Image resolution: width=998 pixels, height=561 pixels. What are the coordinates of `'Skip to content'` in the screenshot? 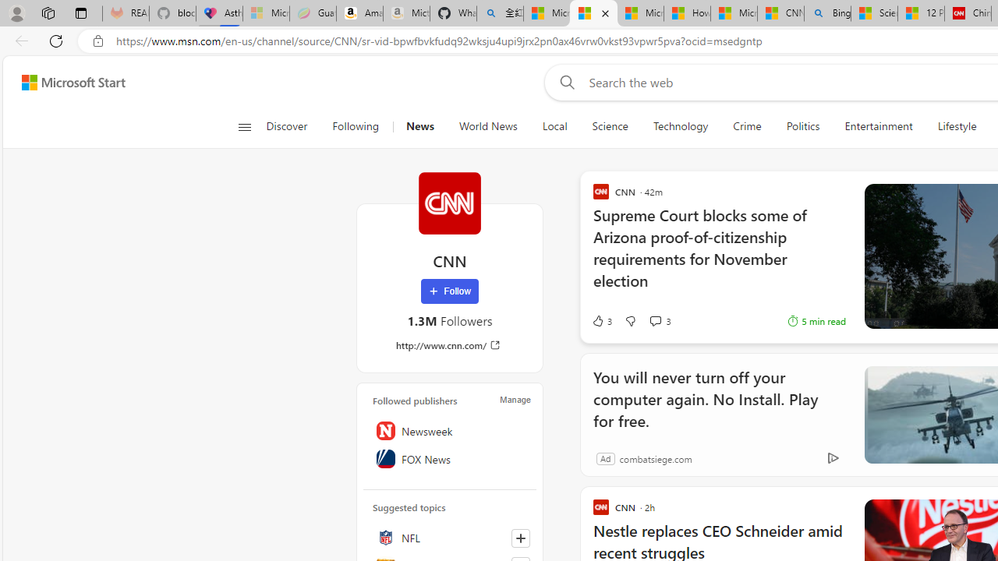 It's located at (67, 82).